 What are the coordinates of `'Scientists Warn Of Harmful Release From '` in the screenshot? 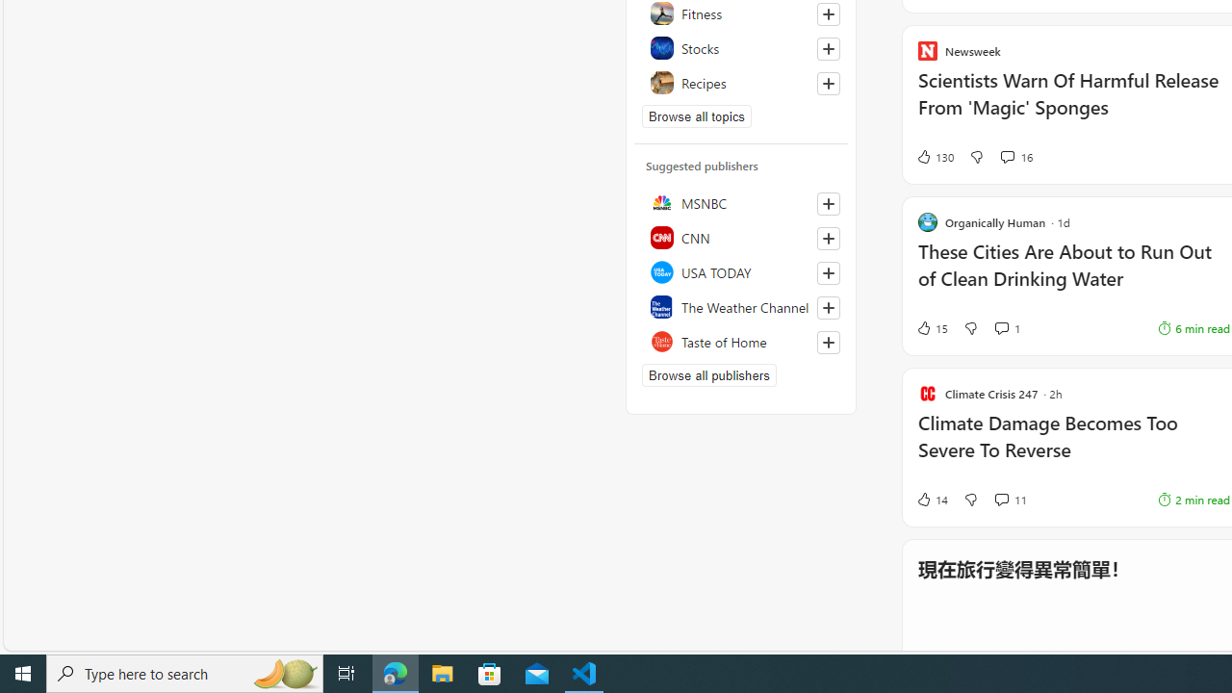 It's located at (1072, 104).